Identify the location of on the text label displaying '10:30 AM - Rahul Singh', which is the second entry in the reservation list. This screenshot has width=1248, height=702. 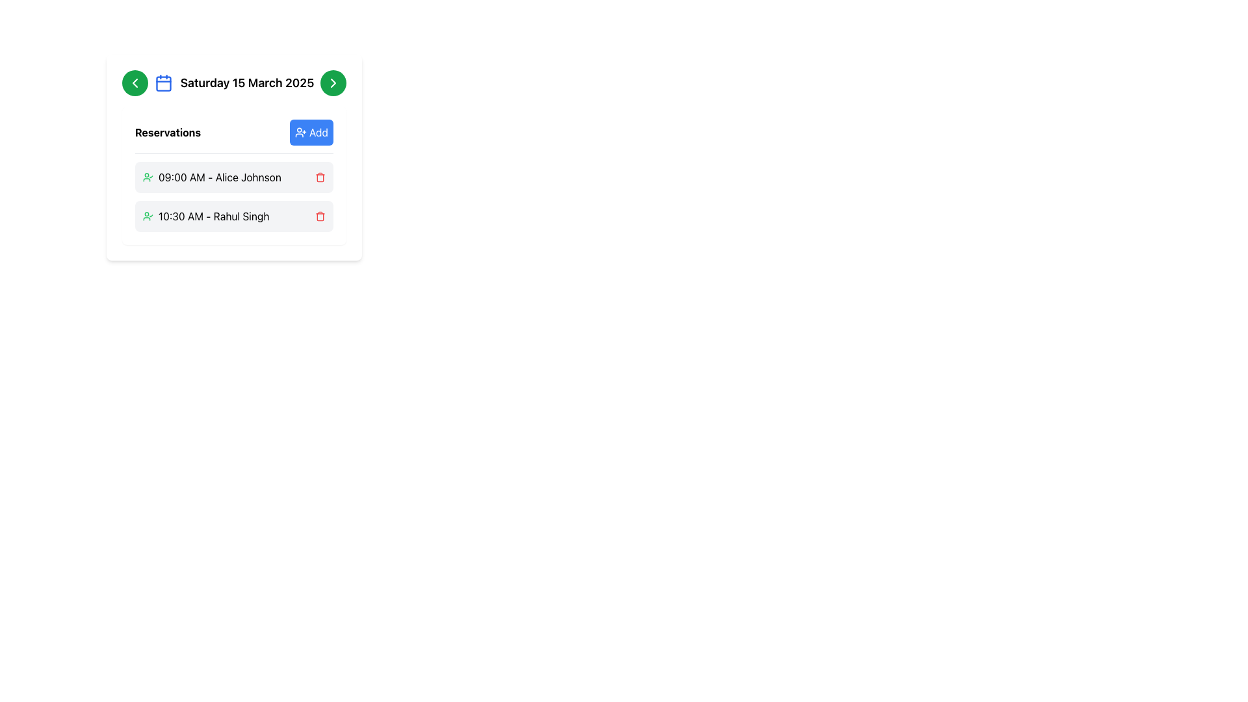
(214, 215).